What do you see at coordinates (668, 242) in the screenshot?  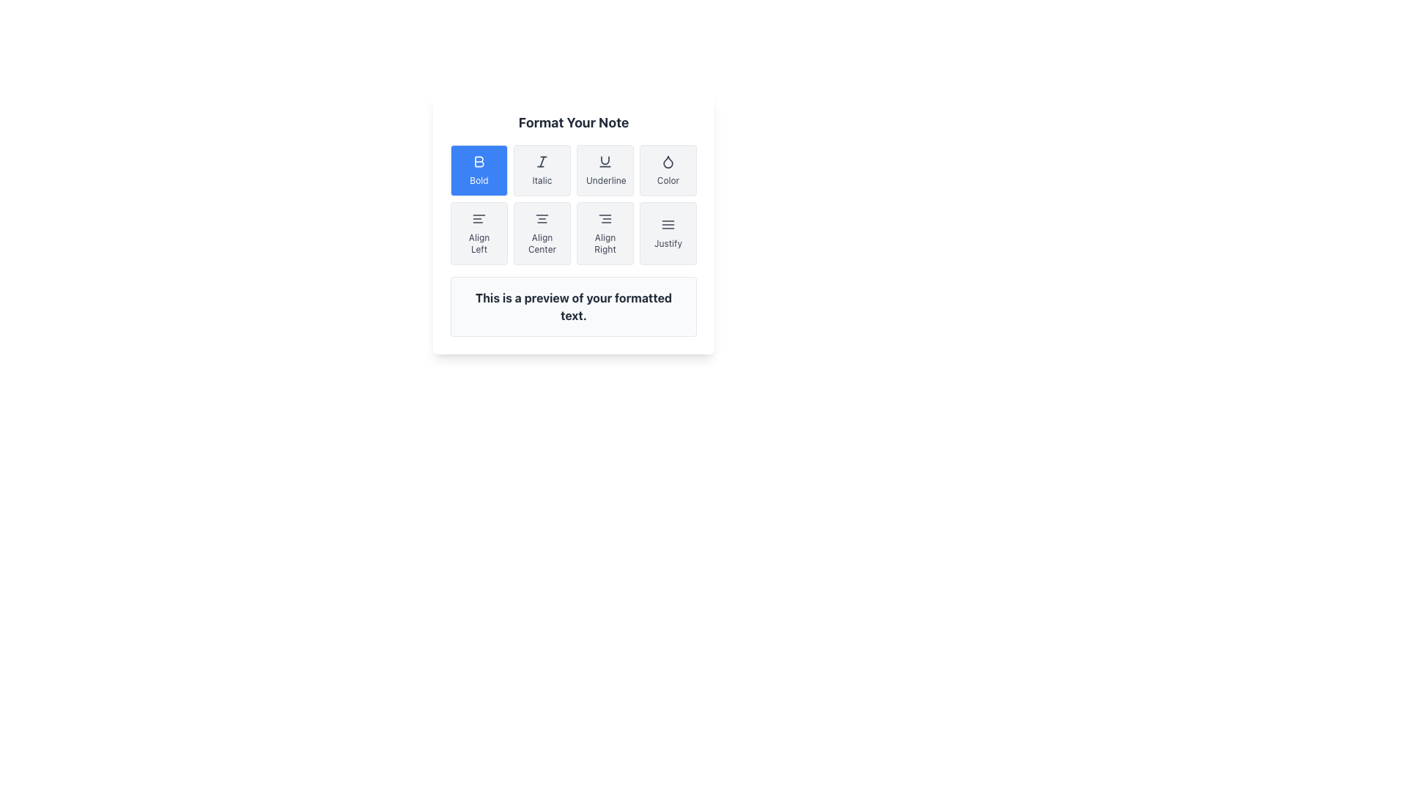 I see `the descriptive label for the 'Justify' text alignment button located in the bottom row of the grid under the 'Format Your Note' section` at bounding box center [668, 242].